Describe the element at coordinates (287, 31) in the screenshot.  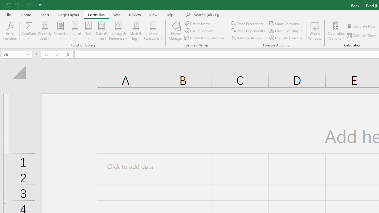
I see `'Error Checking...'` at that location.